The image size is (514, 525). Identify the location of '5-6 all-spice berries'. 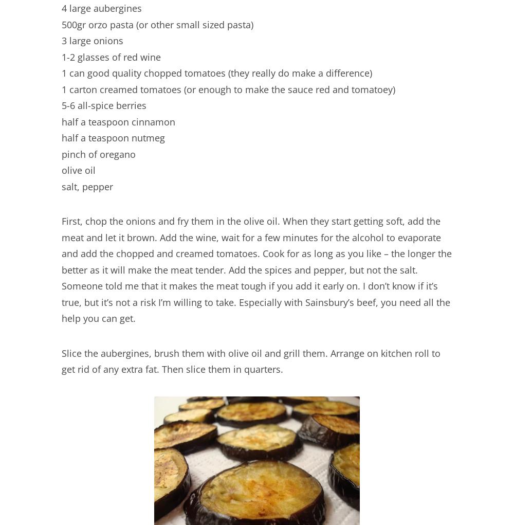
(103, 105).